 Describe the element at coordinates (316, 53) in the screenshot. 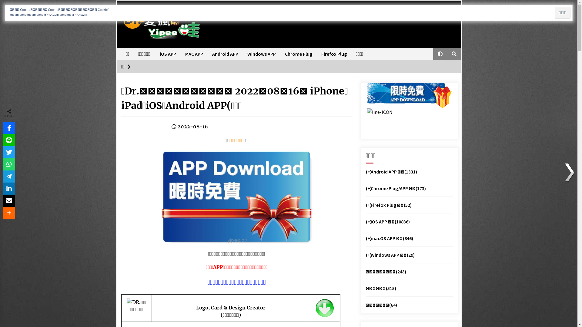

I see `'Firefox Plug'` at that location.